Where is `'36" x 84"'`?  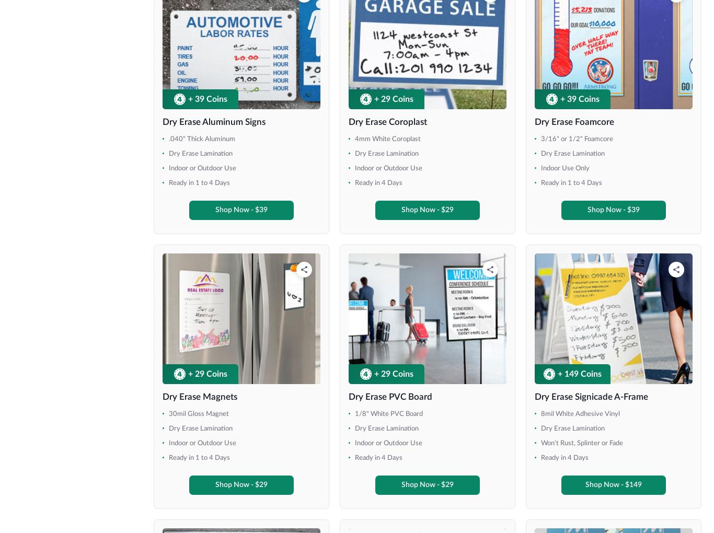
'36" x 84"' is located at coordinates (43, 182).